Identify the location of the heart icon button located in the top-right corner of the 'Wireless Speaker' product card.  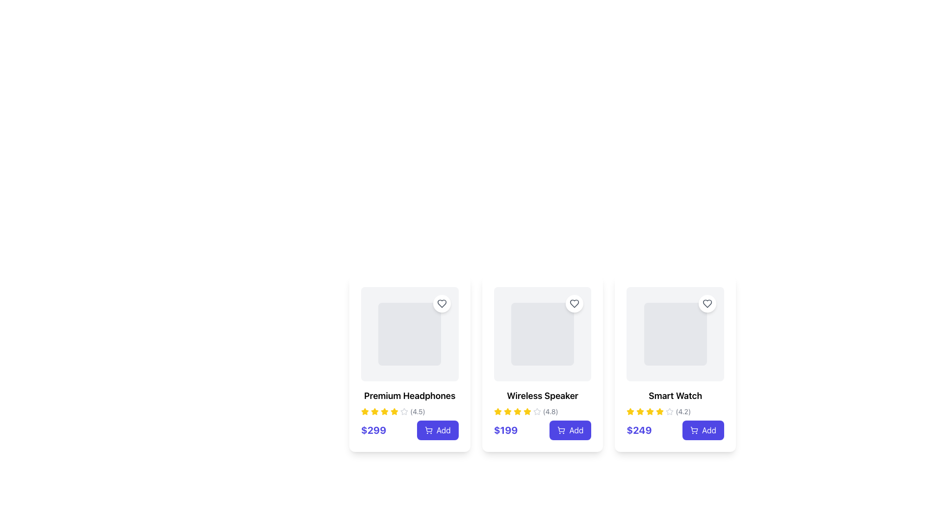
(575, 303).